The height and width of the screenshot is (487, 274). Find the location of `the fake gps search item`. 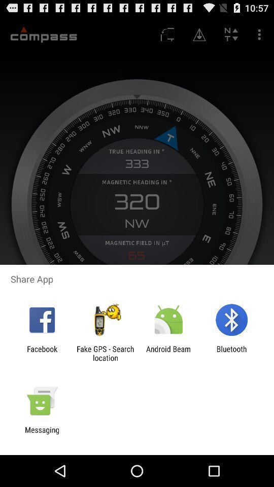

the fake gps search item is located at coordinates (105, 353).